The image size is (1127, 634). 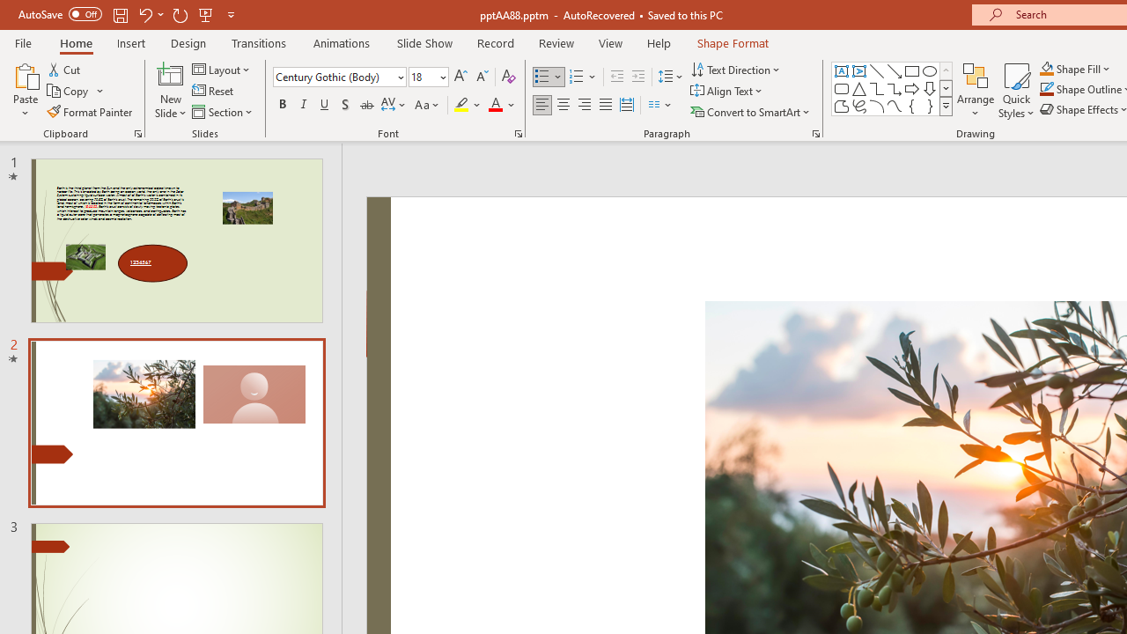 I want to click on 'Arrange', so click(x=975, y=91).